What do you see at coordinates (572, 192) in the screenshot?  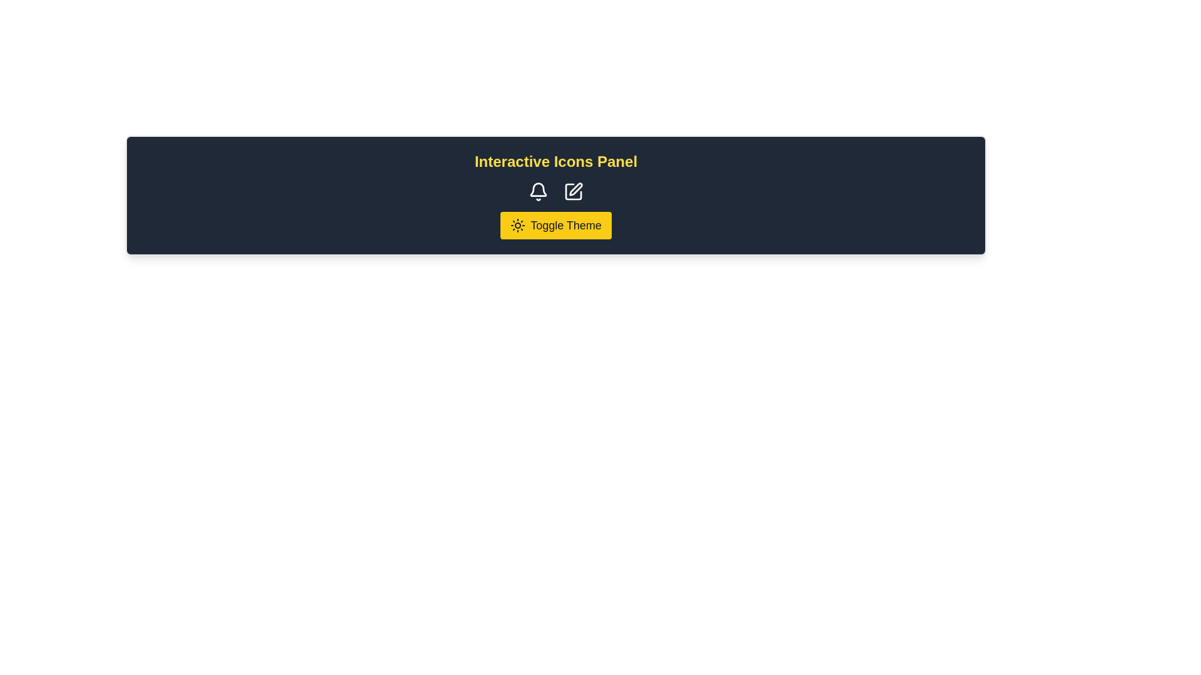 I see `the Icon Button, which is the second icon from the left in a horizontal row on a dark rectangular panel, to enable editing or modifying content or settings` at bounding box center [572, 192].